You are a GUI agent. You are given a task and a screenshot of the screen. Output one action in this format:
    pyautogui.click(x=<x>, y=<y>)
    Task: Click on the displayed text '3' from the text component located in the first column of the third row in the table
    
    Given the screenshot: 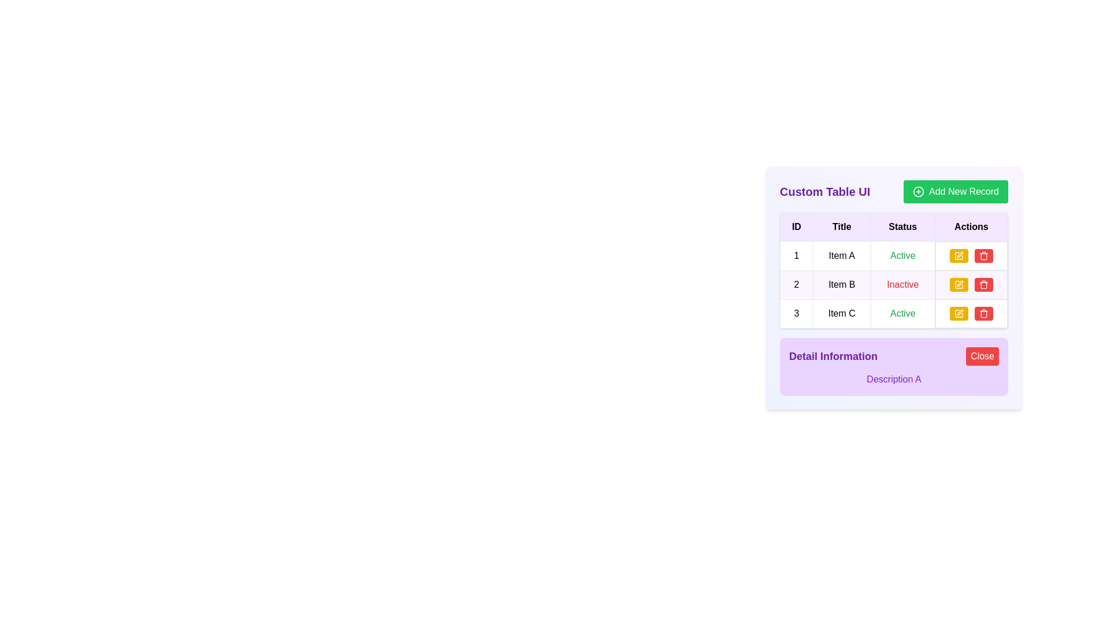 What is the action you would take?
    pyautogui.click(x=795, y=314)
    